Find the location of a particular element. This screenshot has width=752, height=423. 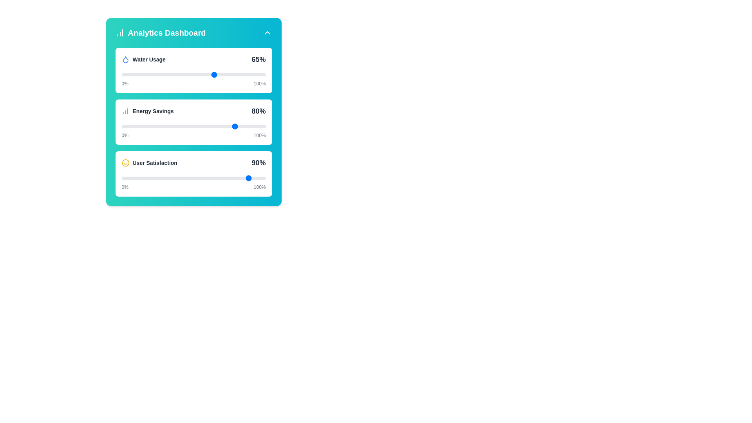

the water usage slider is located at coordinates (221, 75).